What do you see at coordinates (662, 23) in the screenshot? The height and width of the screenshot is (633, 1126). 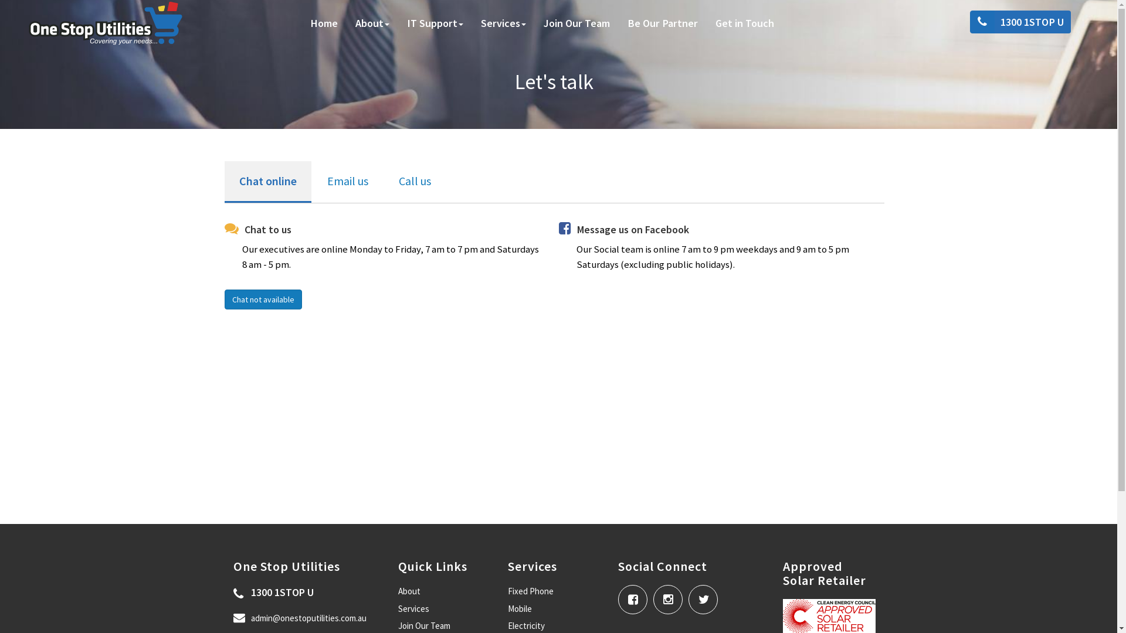 I see `'Be Our Partner'` at bounding box center [662, 23].